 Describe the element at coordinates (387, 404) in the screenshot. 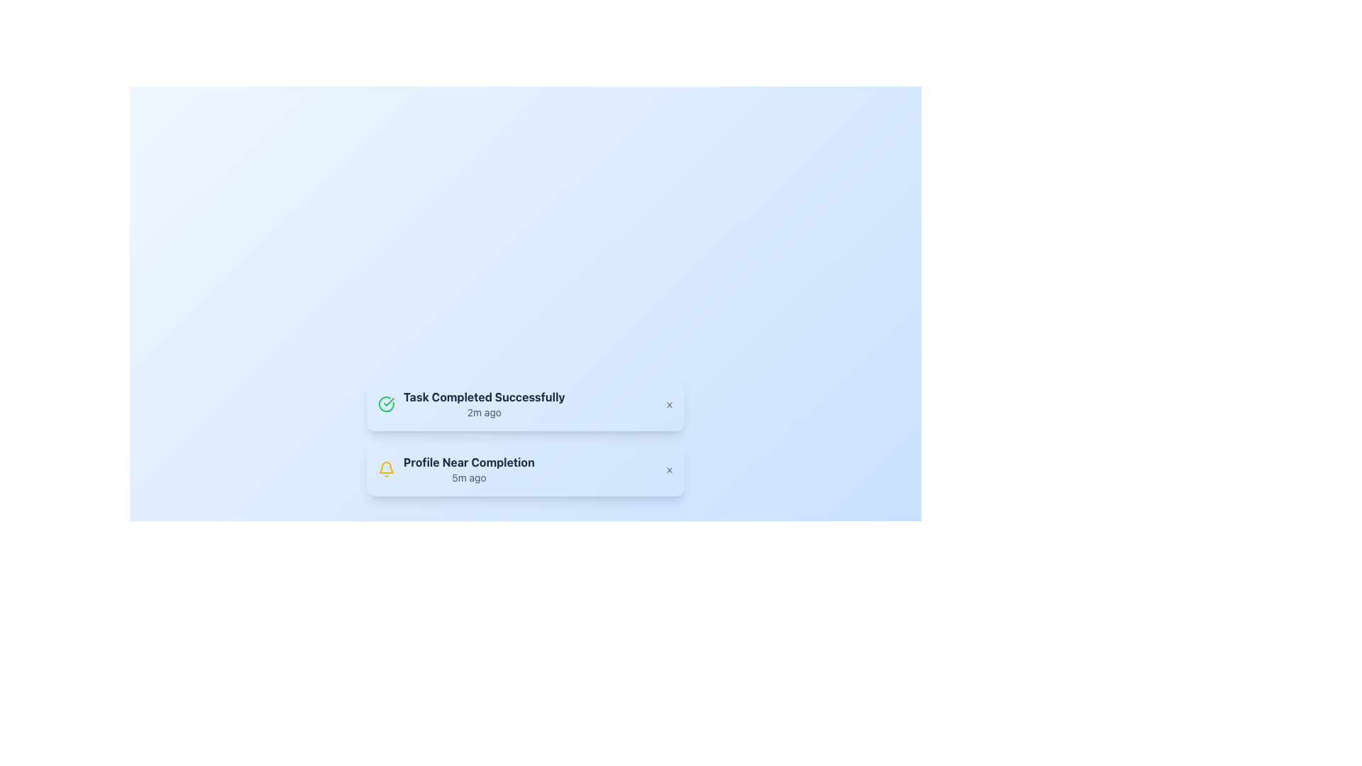

I see `the completion icon located at the leftmost position of the 'Task Completed Successfully' notification area` at that location.